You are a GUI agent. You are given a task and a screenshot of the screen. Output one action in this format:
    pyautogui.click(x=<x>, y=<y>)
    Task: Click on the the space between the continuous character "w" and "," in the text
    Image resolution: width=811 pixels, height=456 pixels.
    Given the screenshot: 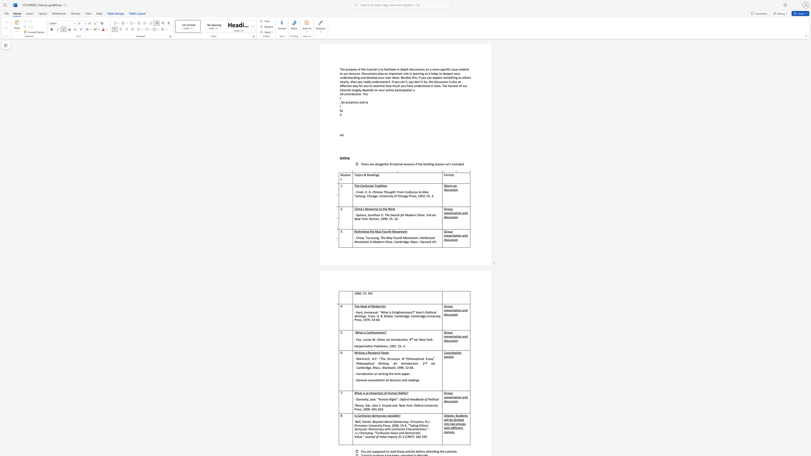 What is the action you would take?
    pyautogui.click(x=363, y=238)
    